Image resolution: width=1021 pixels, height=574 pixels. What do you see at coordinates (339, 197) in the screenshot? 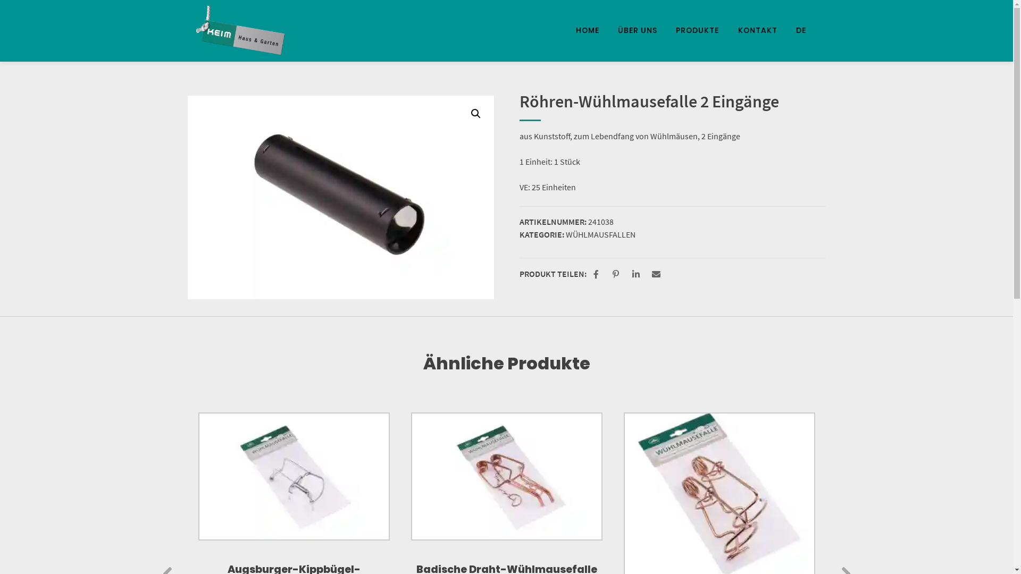
I see `'SONY DSC'` at bounding box center [339, 197].